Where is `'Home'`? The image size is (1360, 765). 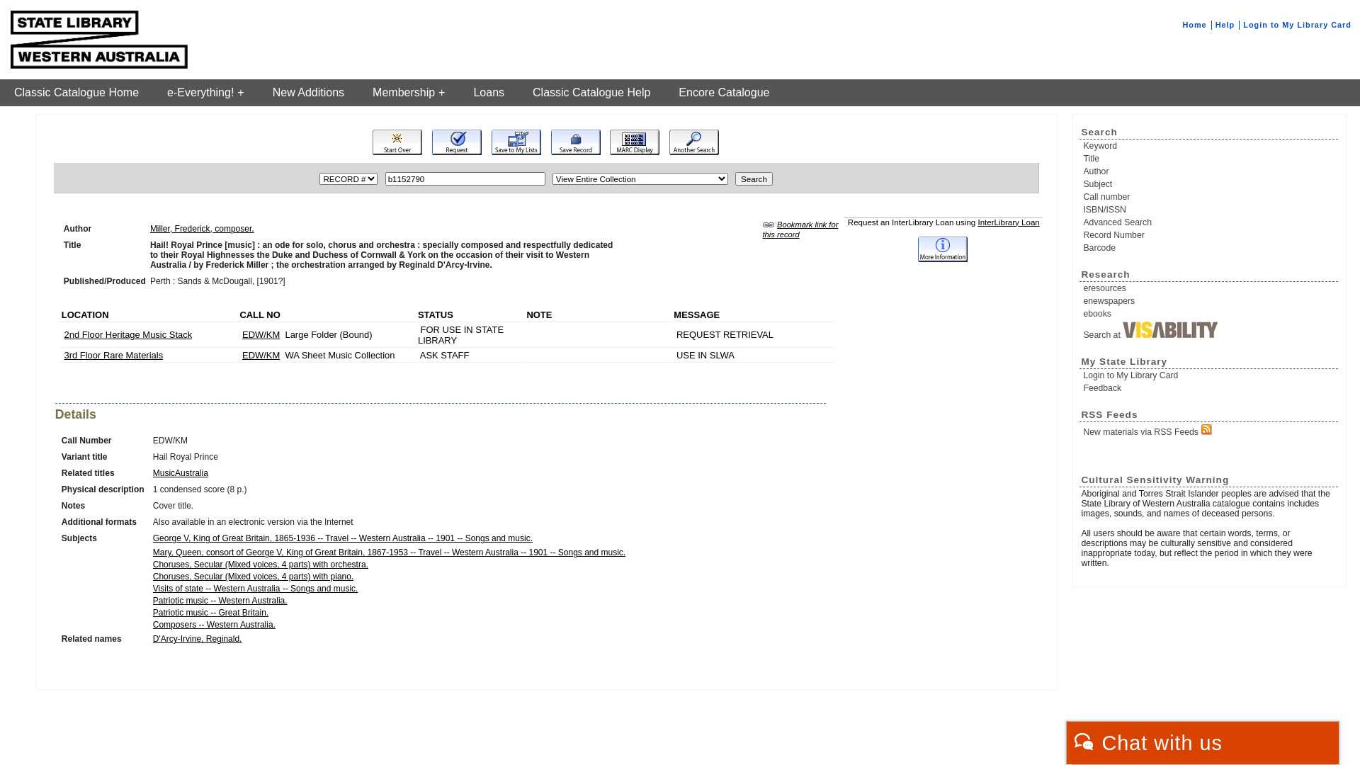 'Home' is located at coordinates (1193, 24).